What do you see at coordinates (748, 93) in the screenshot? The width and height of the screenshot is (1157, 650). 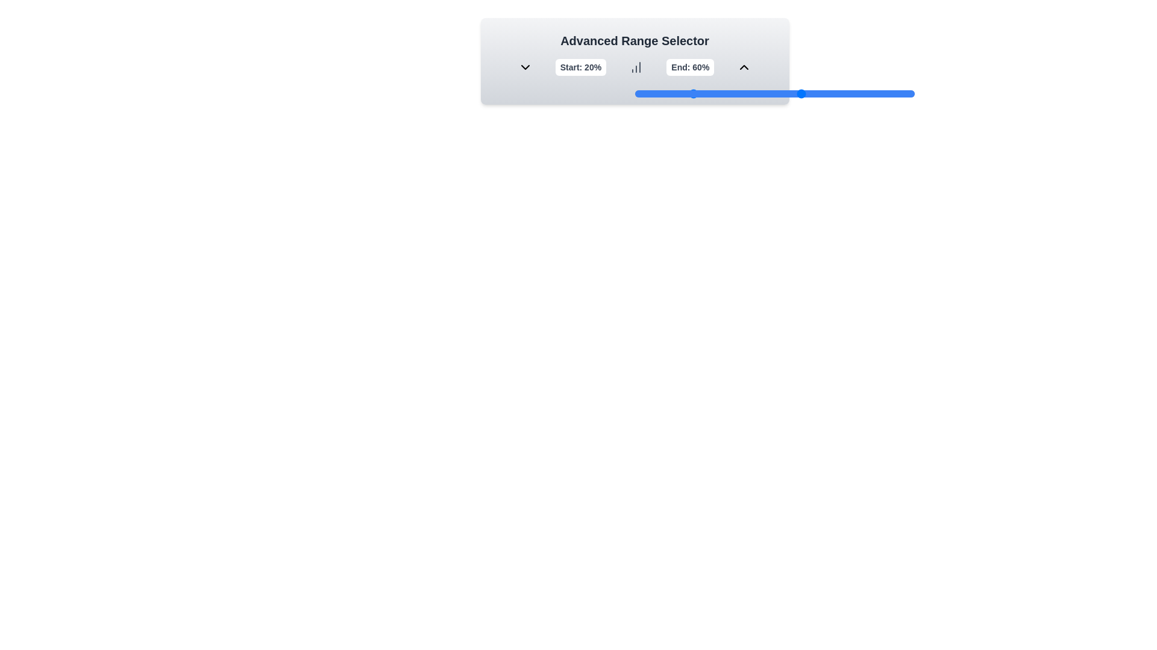 I see `the start range slider to 41%` at bounding box center [748, 93].